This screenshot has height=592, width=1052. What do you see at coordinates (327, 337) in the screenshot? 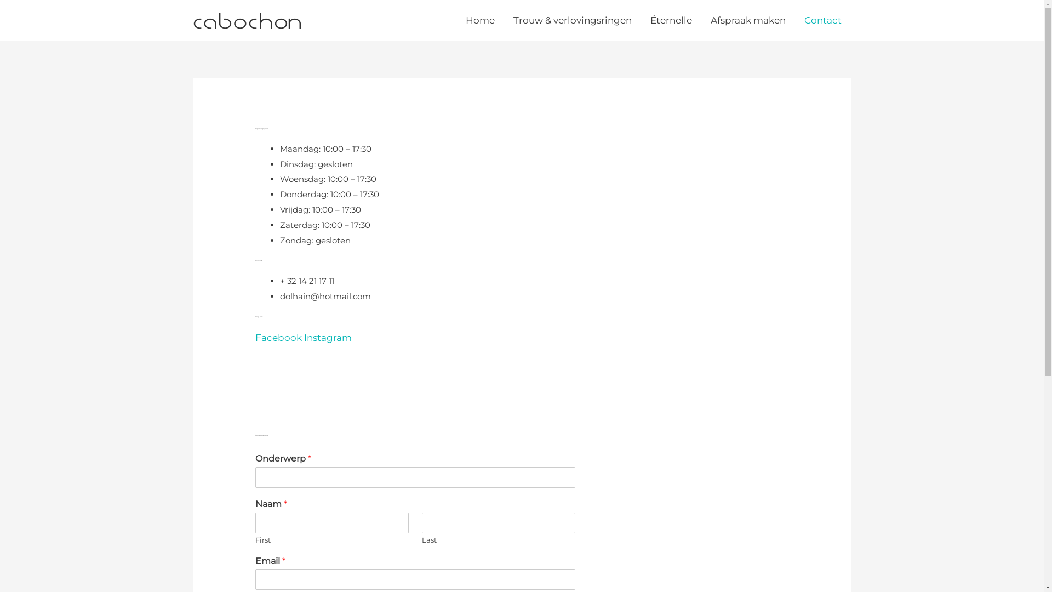
I see `'Instagram'` at bounding box center [327, 337].